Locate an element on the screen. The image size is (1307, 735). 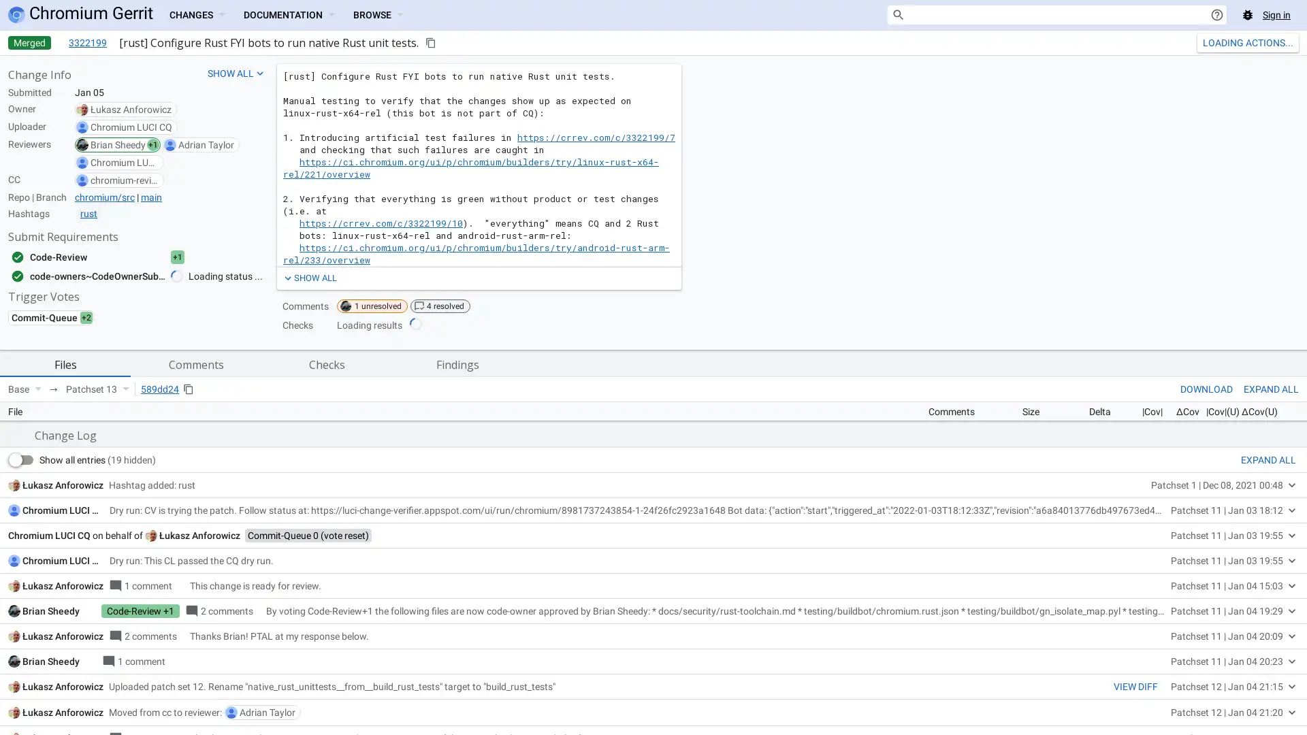
Base is located at coordinates (25, 389).